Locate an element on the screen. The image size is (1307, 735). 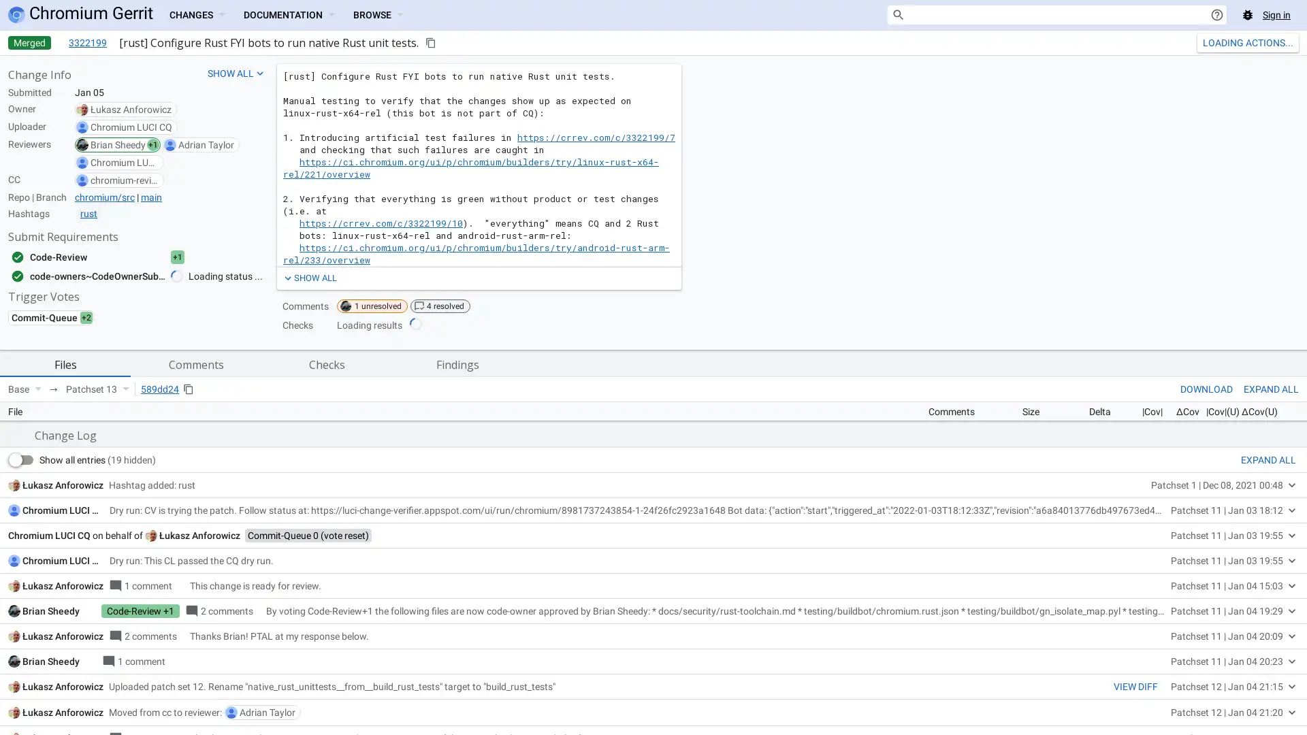
Base is located at coordinates (25, 389).